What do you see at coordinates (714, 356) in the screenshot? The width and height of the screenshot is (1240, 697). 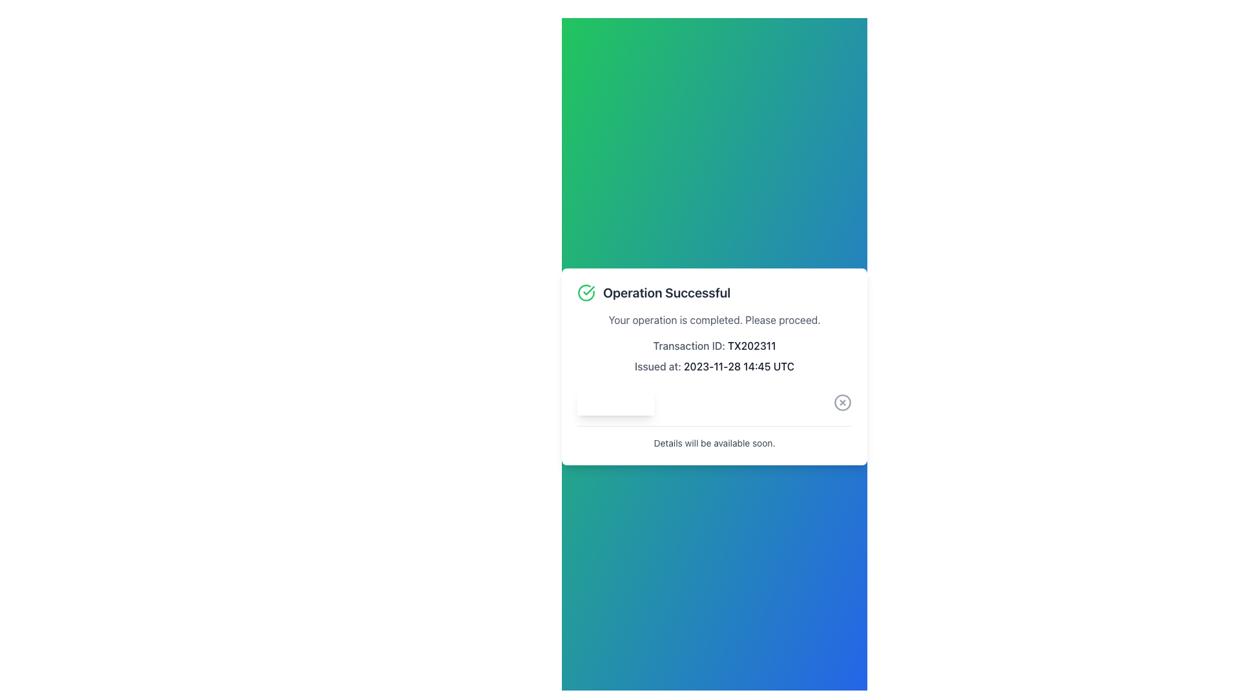 I see `information from the text block located below the main title and description text within the white dialog box, which includes the transaction's unique identifier and the timestamp` at bounding box center [714, 356].